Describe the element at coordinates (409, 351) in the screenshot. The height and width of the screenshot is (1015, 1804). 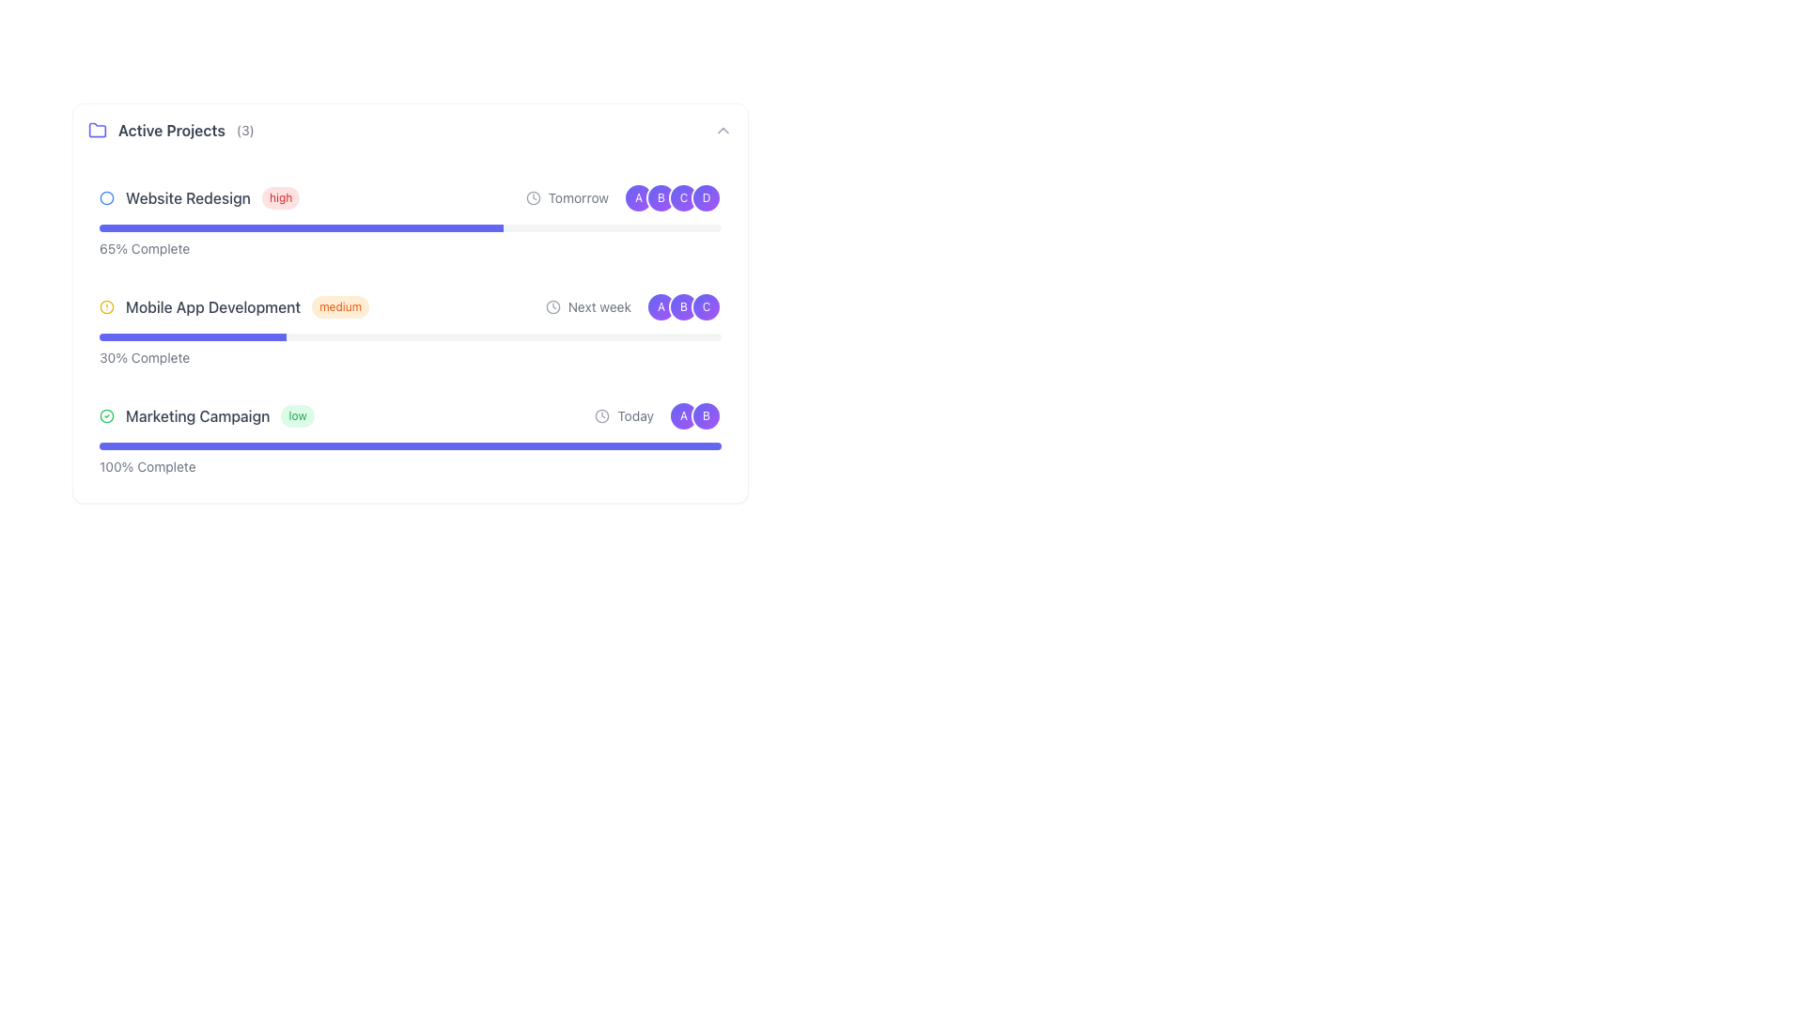
I see `the progress information of the progress bar labeled '30% Complete' located in the 'Mobile App Development' section of the 'Active Projects' list` at that location.